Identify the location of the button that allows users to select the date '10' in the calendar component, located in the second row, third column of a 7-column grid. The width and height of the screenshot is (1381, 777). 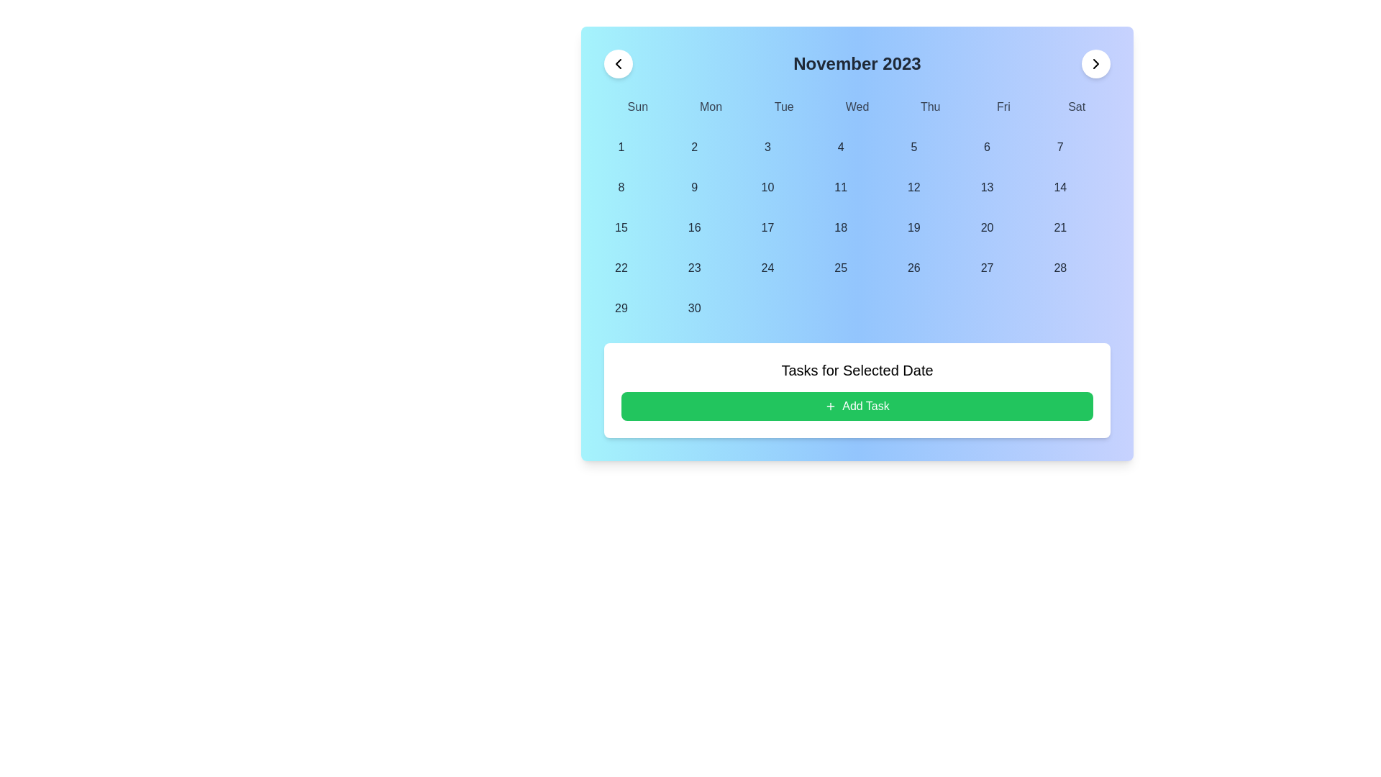
(767, 187).